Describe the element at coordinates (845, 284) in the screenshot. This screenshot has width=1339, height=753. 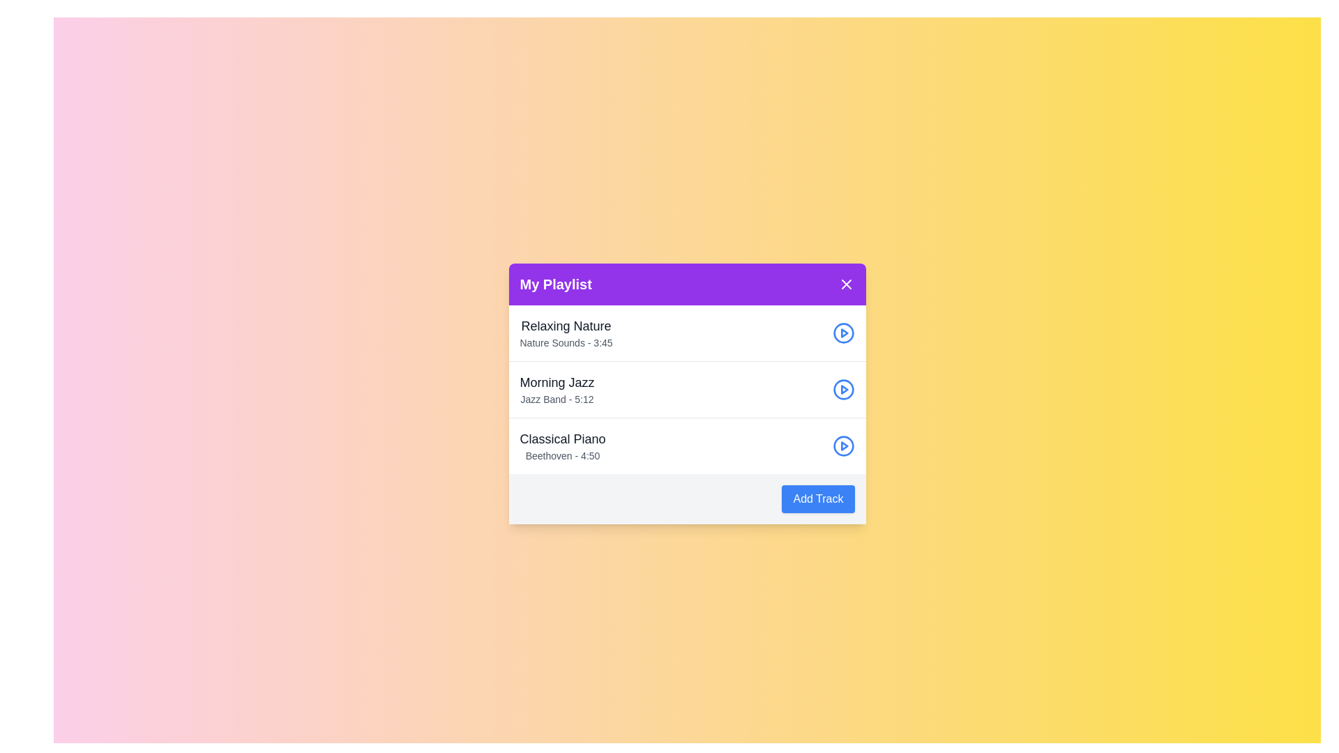
I see `the close button to close the dialog` at that location.